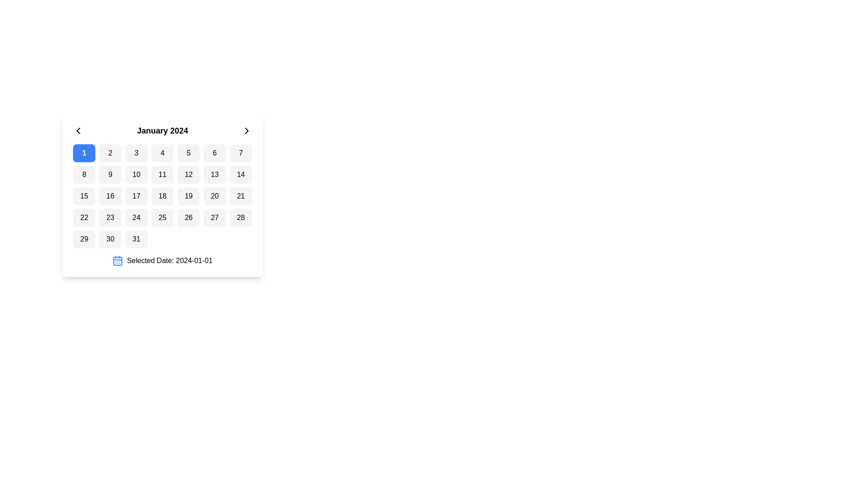  Describe the element at coordinates (84, 196) in the screenshot. I see `the calendar grid cell displaying the number '15' located in the third row and first column of the calendar` at that location.